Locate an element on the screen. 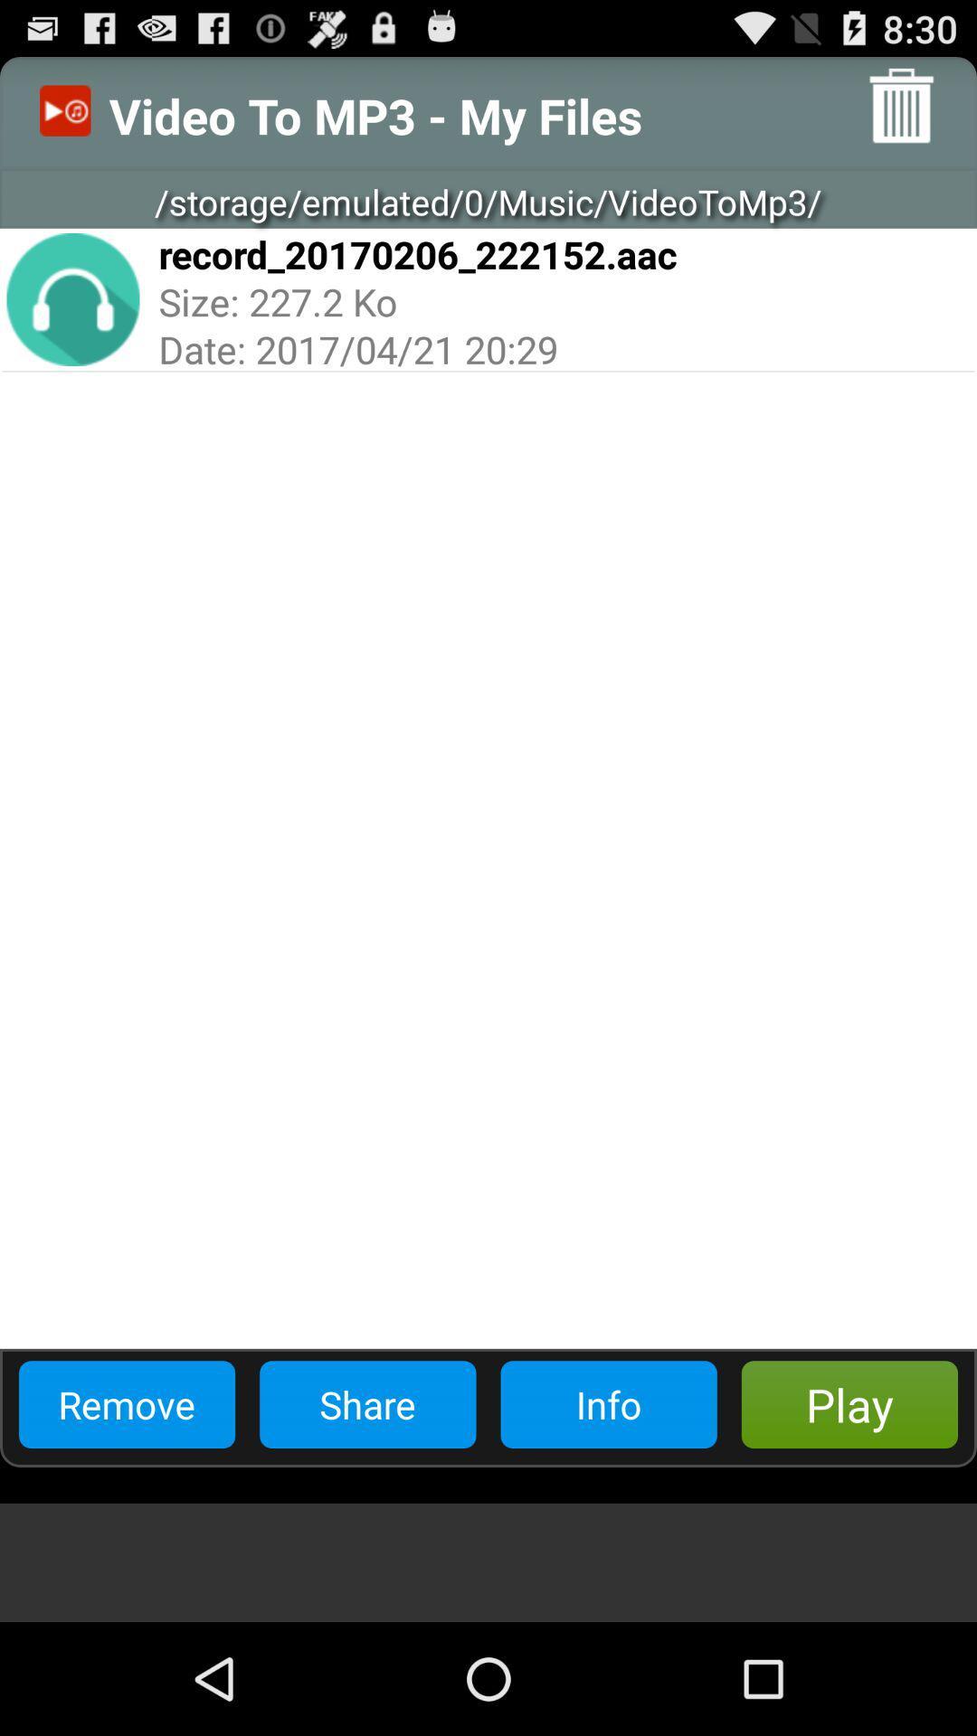  the delete icon is located at coordinates (901, 112).